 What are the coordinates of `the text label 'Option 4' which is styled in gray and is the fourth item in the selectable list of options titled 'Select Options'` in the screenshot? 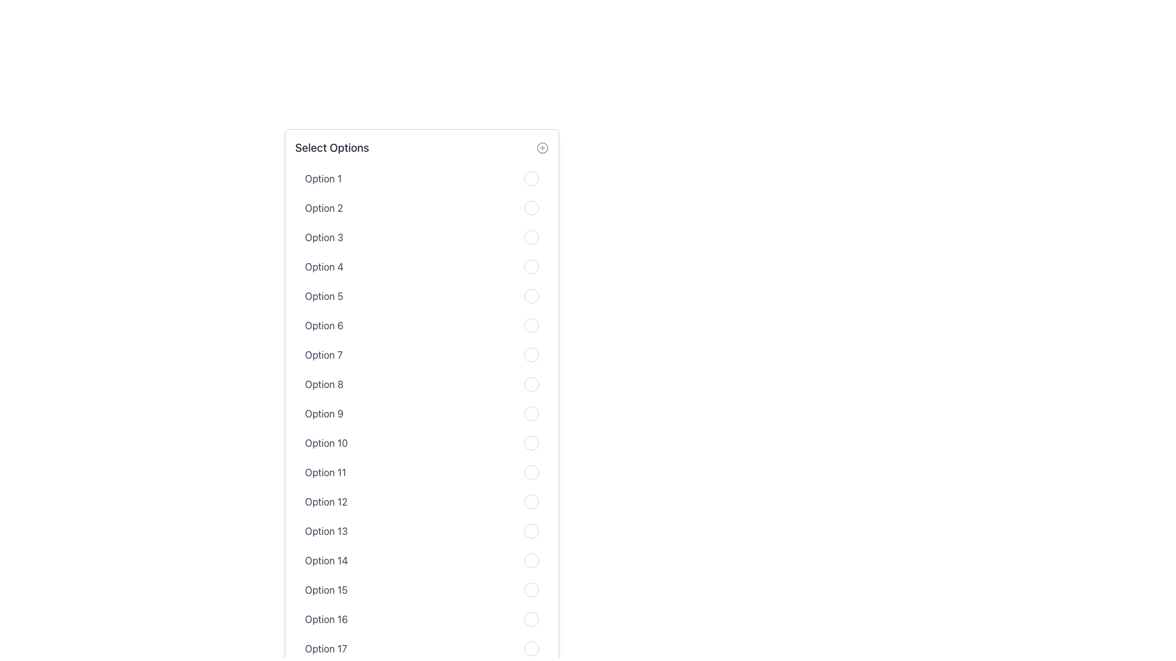 It's located at (324, 266).